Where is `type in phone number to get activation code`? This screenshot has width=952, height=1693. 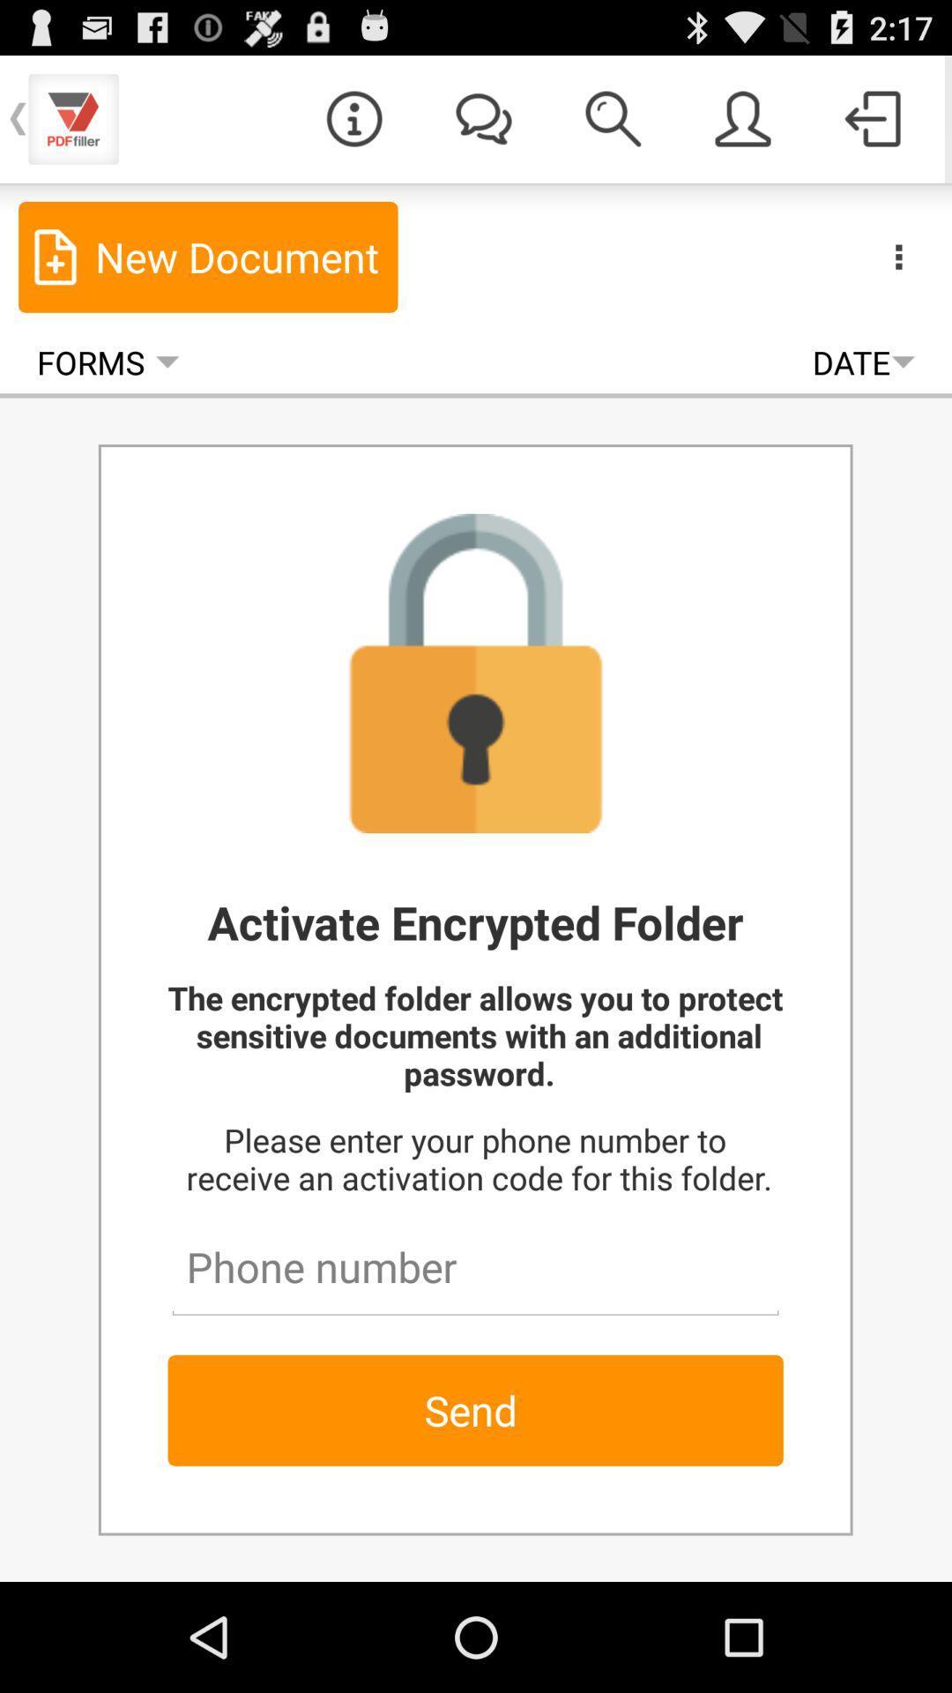
type in phone number to get activation code is located at coordinates (474, 1258).